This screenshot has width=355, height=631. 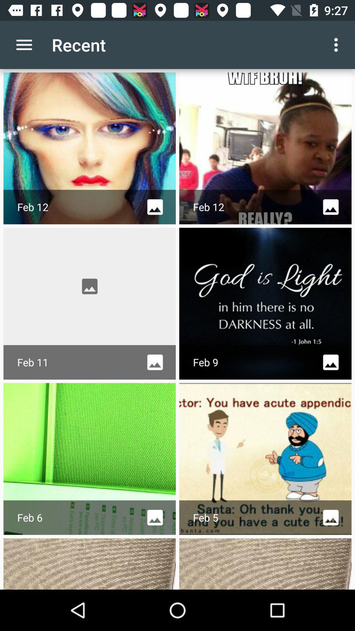 I want to click on the app to the right of recent item, so click(x=338, y=44).